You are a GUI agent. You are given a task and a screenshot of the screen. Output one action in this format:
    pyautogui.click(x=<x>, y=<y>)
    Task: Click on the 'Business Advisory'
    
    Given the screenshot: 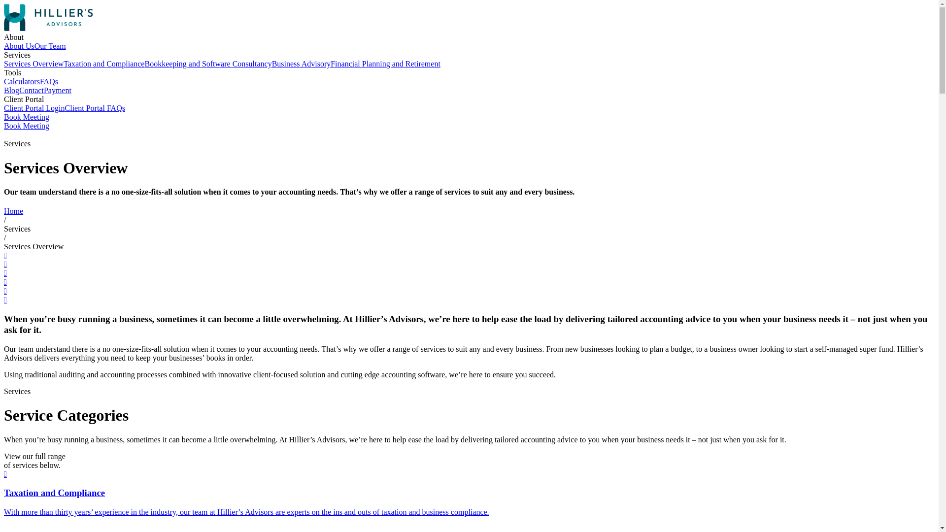 What is the action you would take?
    pyautogui.click(x=301, y=64)
    